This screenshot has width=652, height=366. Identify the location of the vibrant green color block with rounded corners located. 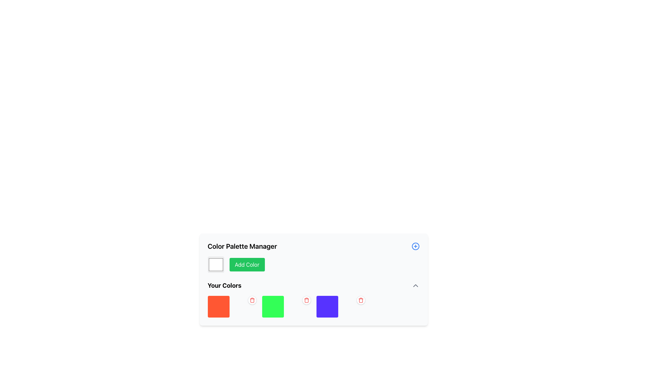
(286, 307).